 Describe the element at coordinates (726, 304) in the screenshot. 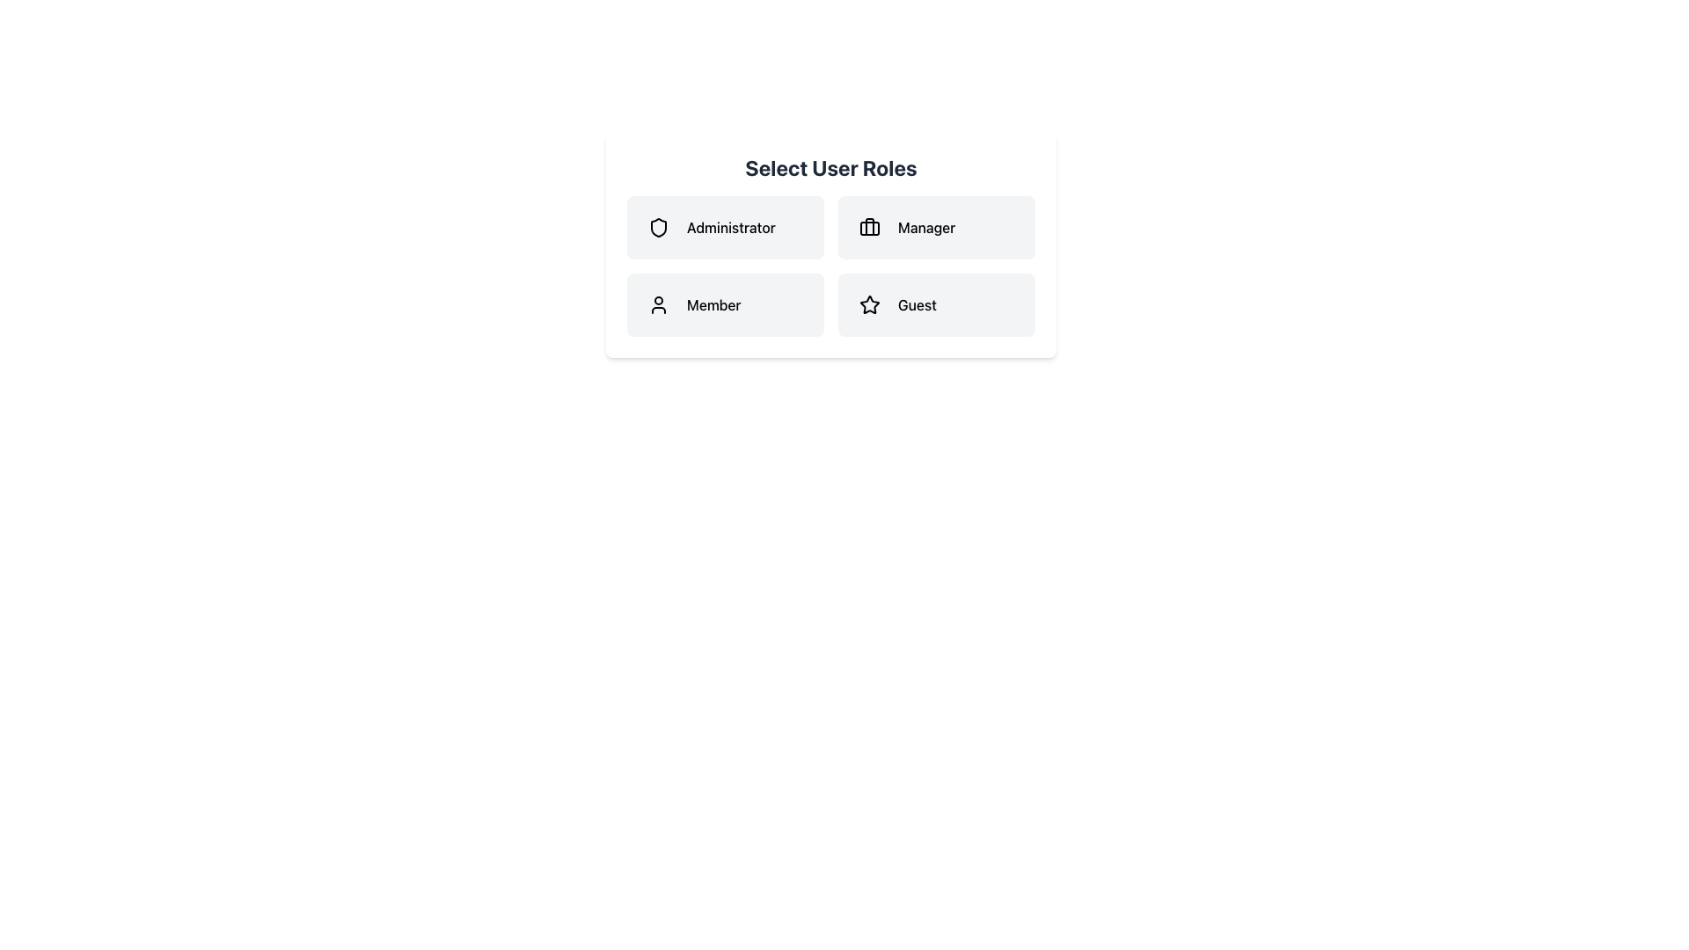

I see `the 'Member' role selection button using keyboard navigation` at that location.